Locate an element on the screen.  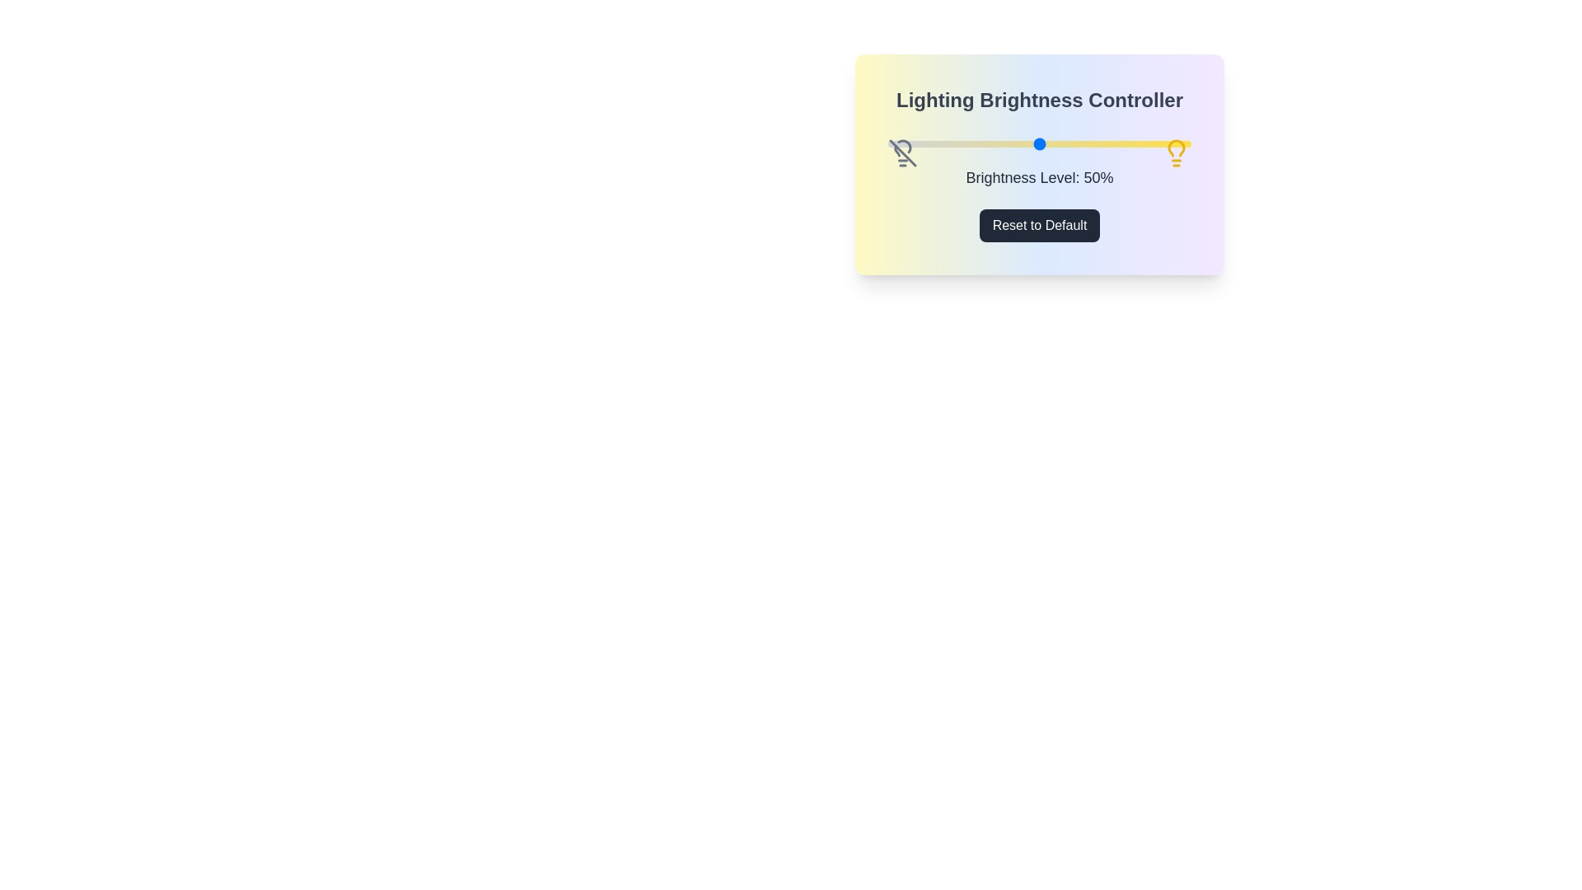
the brightness slider to 48% is located at coordinates (1032, 143).